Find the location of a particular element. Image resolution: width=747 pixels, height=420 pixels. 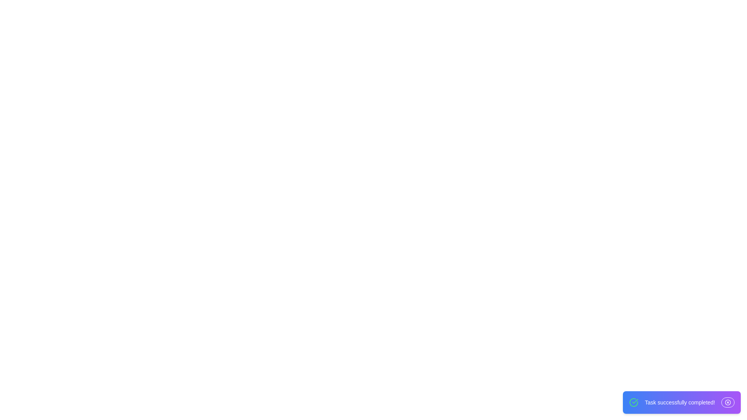

the small circular close button with a white border and an 'x' icon is located at coordinates (728, 402).